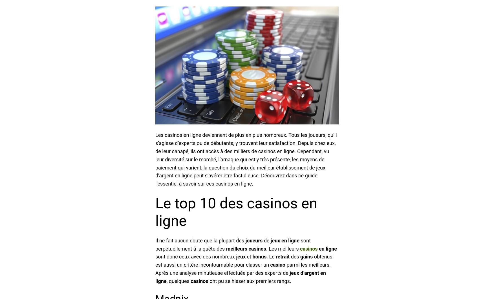 The image size is (494, 299). I want to click on 'joueurs', so click(254, 240).